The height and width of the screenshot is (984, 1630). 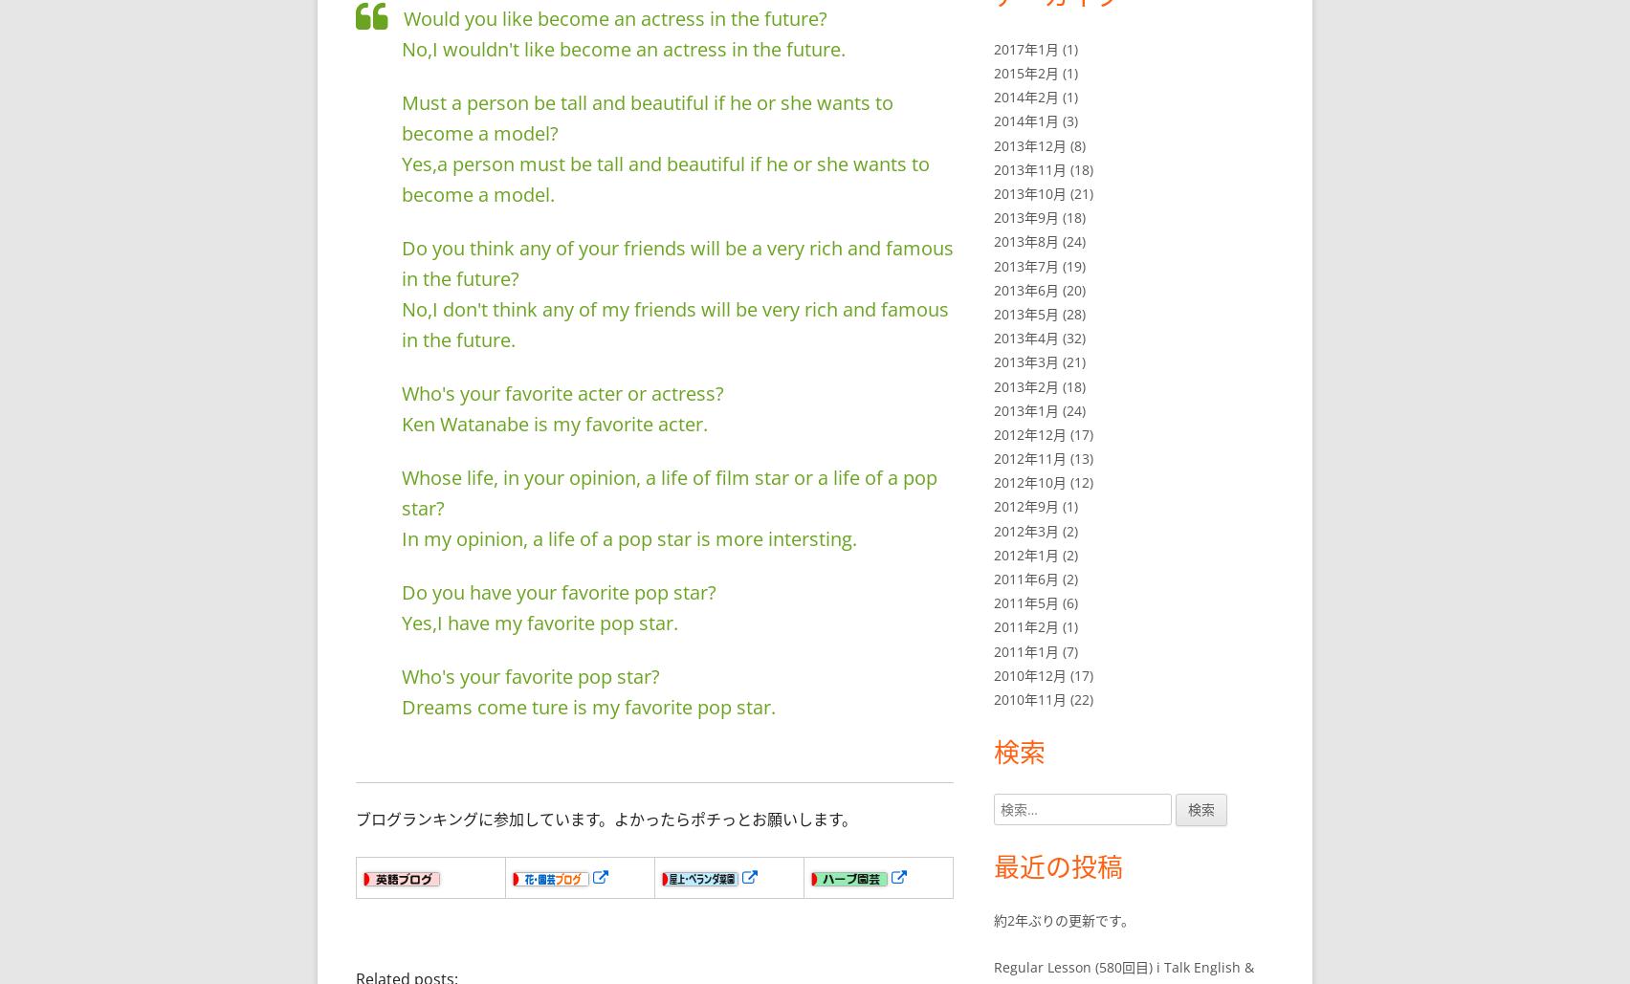 I want to click on '2017年1月', so click(x=1025, y=48).